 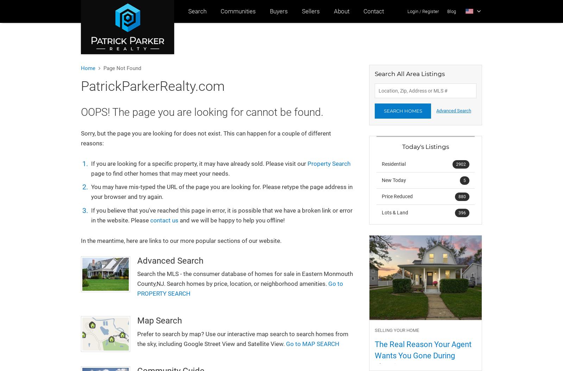 I want to click on 'Price Reduced', so click(x=381, y=196).